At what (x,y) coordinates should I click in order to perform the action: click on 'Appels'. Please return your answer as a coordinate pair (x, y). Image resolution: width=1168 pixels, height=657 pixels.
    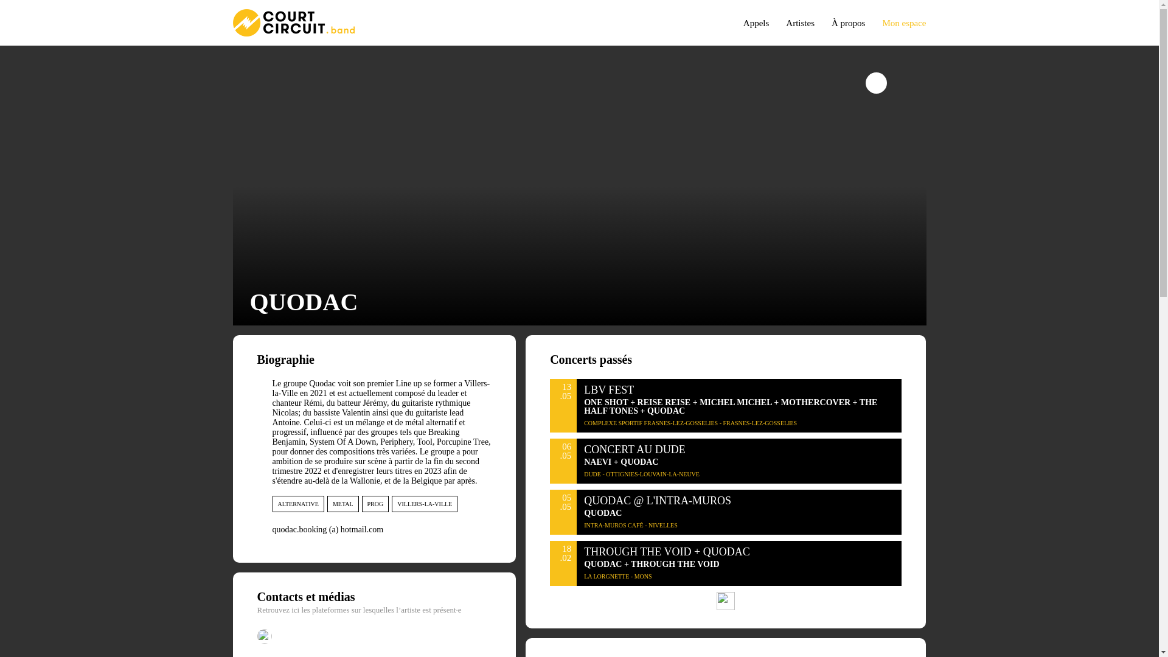
    Looking at the image, I should click on (749, 22).